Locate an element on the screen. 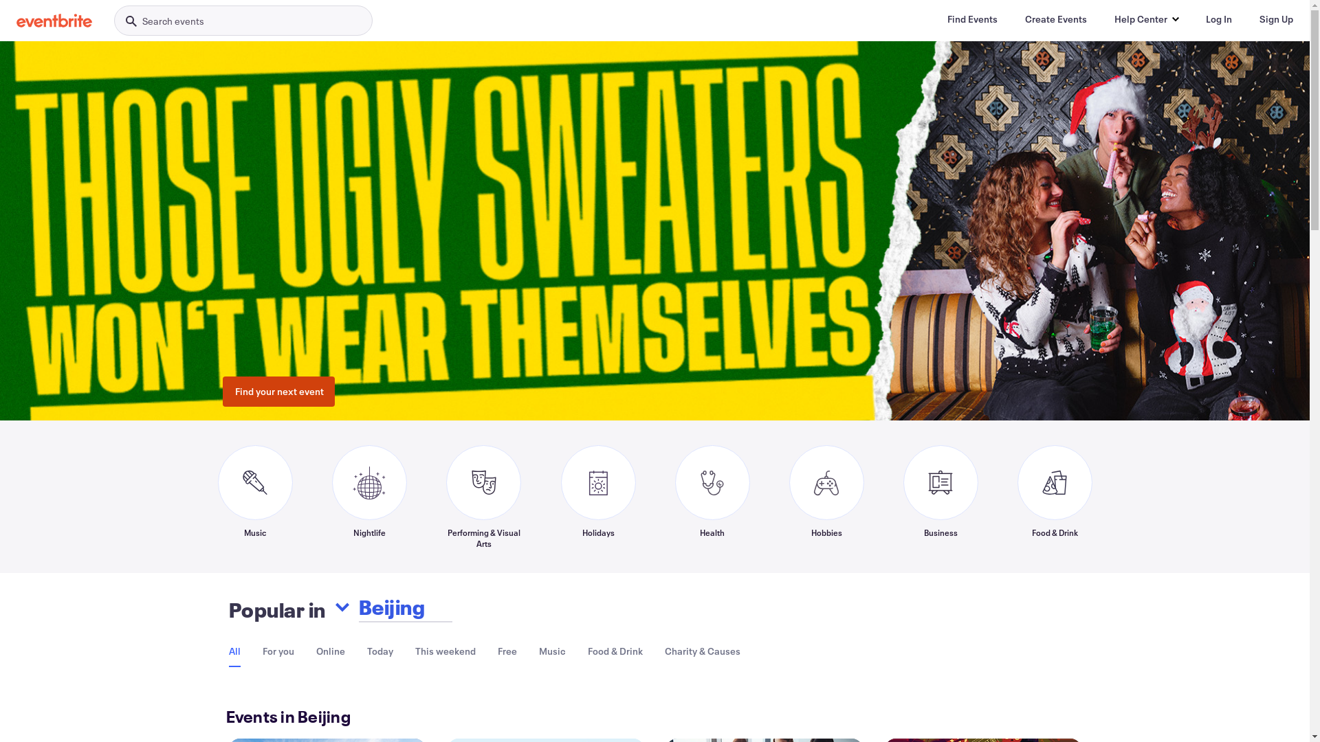 Image resolution: width=1320 pixels, height=742 pixels. 'Charity & Causes' is located at coordinates (702, 650).